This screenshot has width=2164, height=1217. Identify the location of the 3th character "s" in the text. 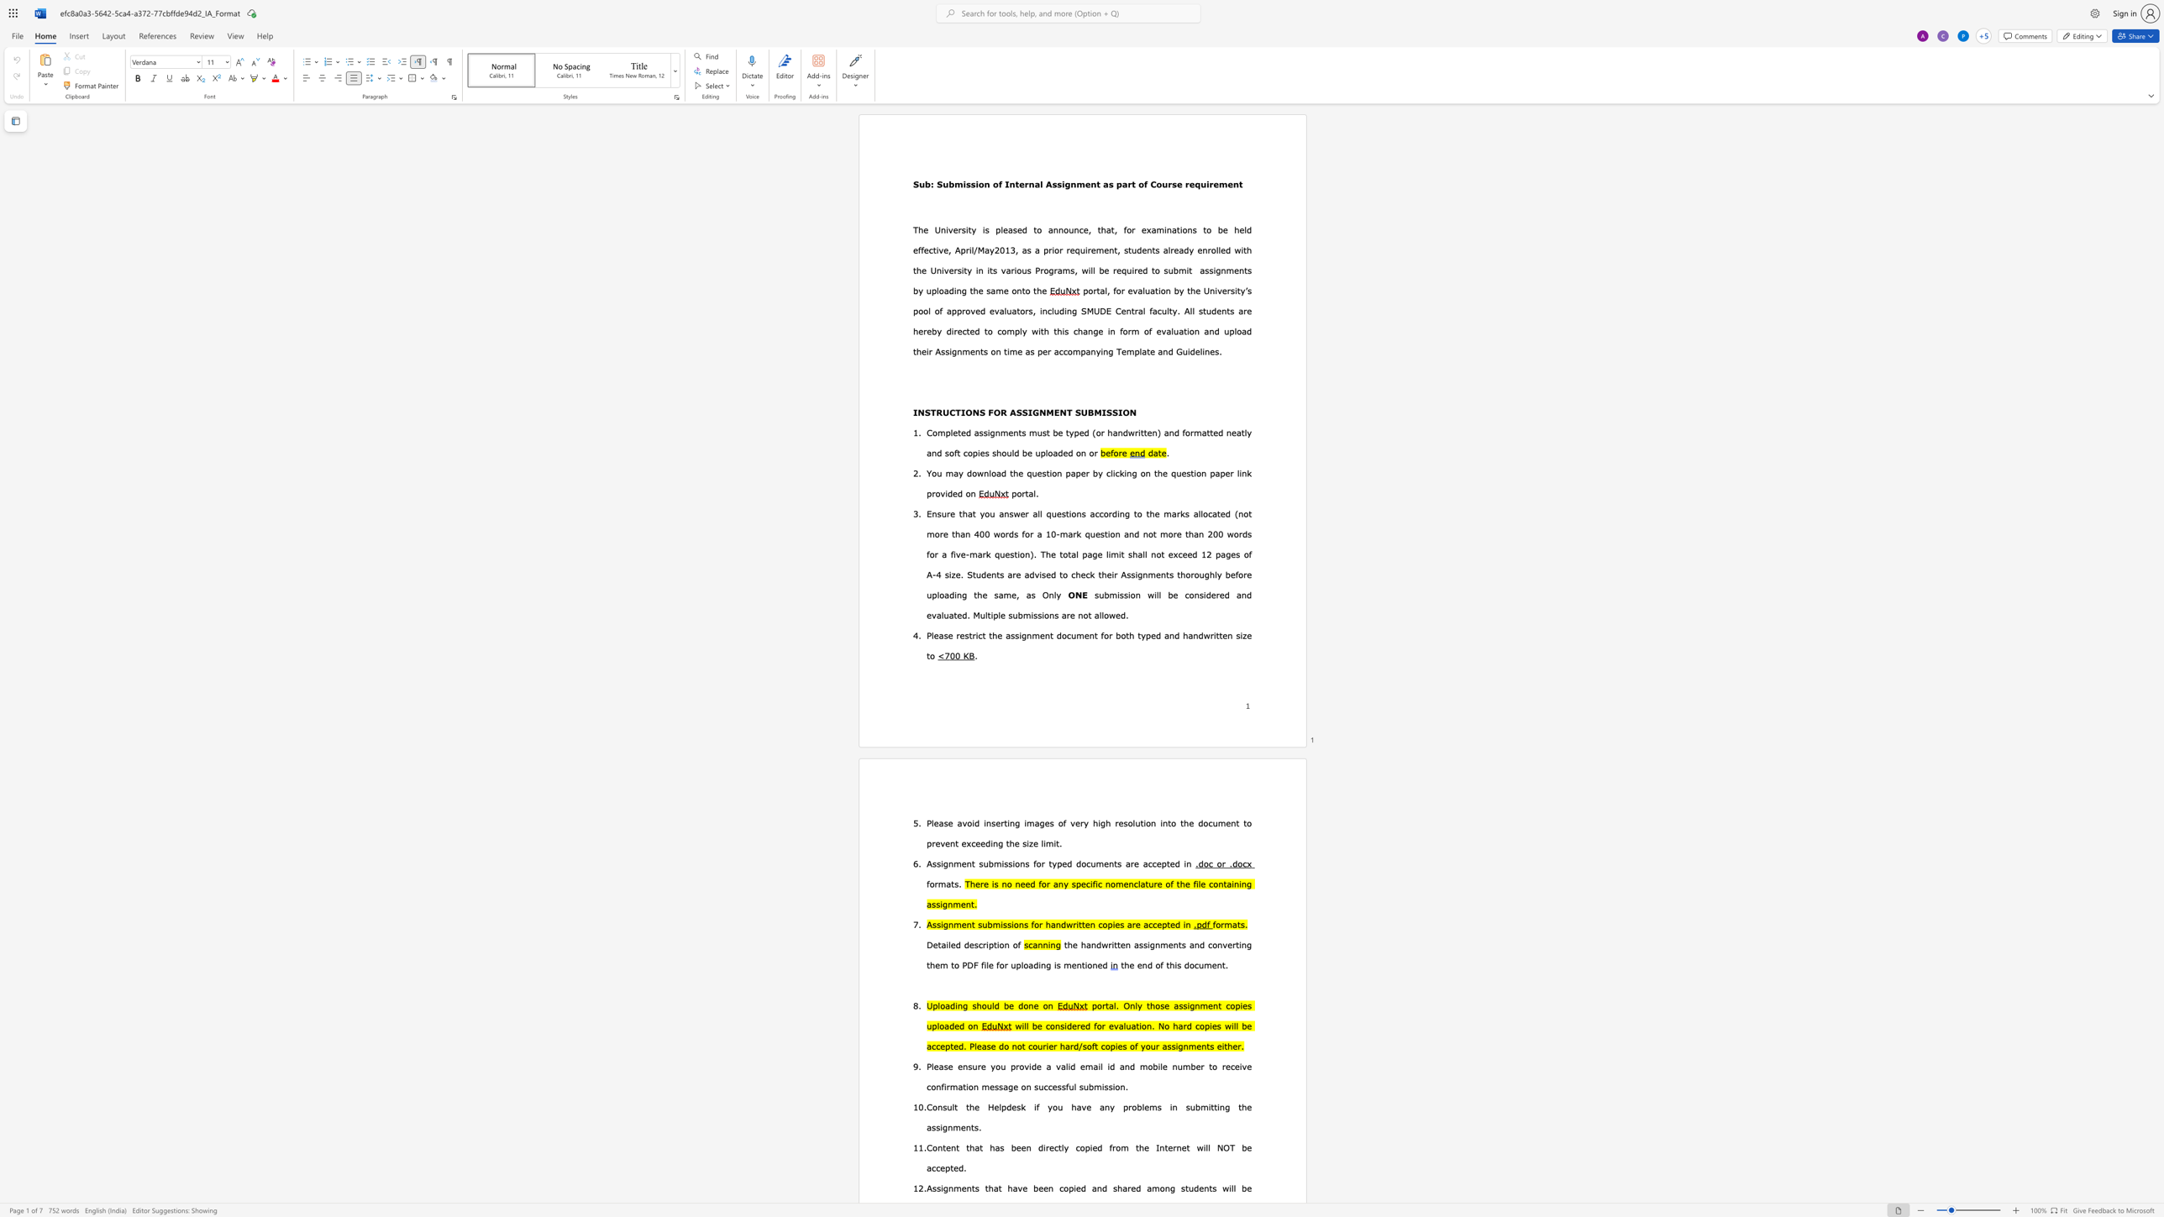
(1211, 269).